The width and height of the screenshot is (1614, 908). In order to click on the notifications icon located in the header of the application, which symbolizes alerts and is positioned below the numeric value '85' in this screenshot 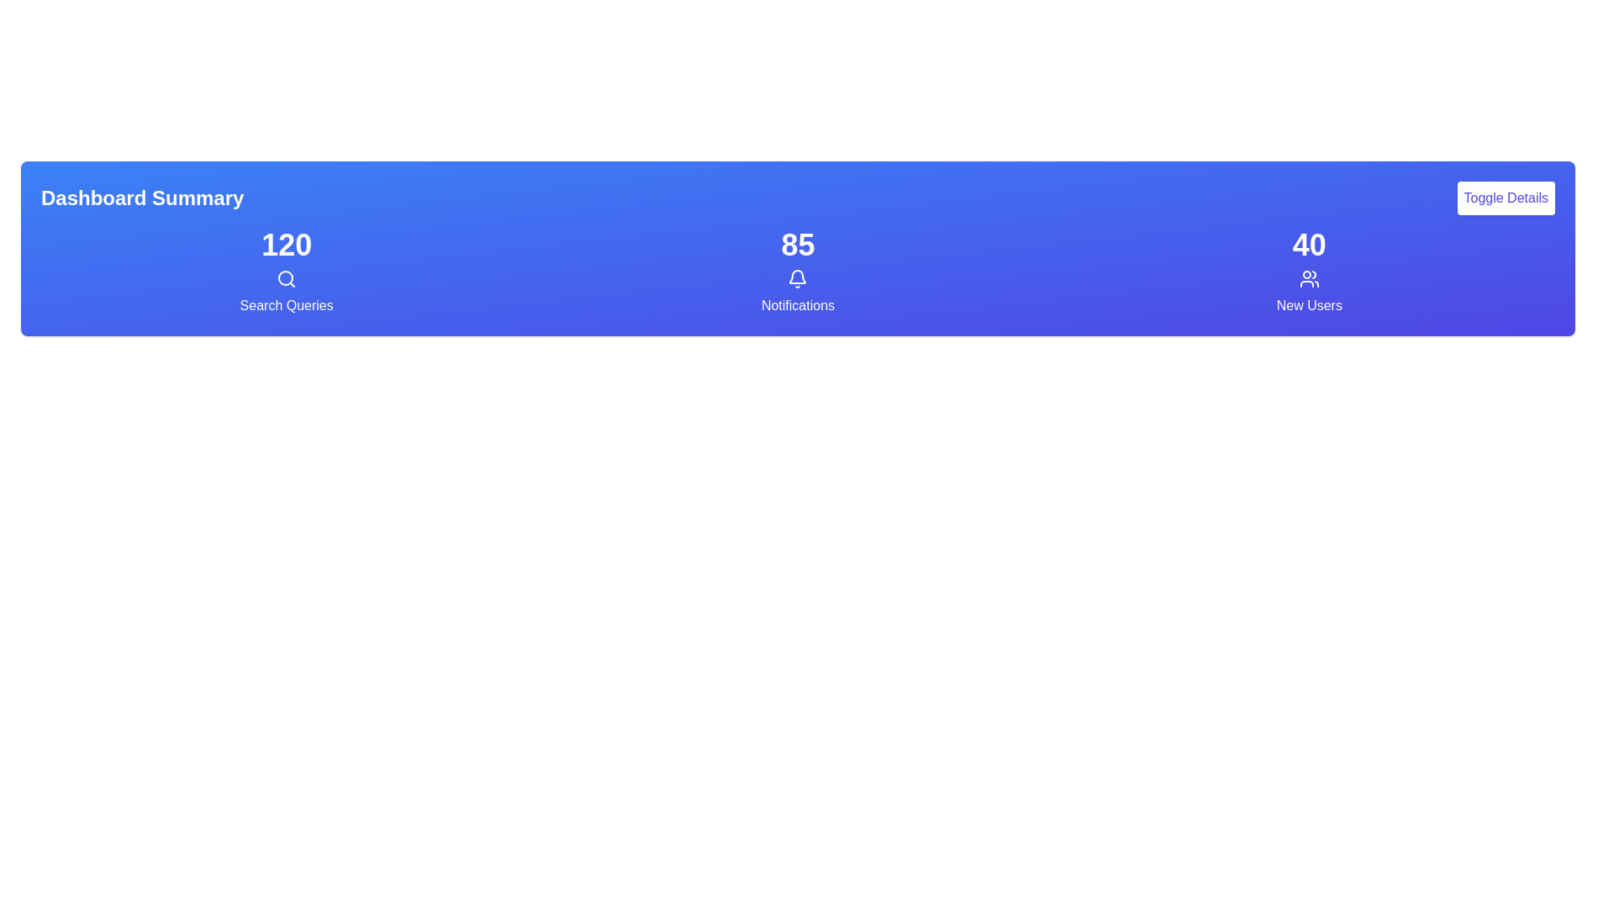, I will do `click(797, 276)`.